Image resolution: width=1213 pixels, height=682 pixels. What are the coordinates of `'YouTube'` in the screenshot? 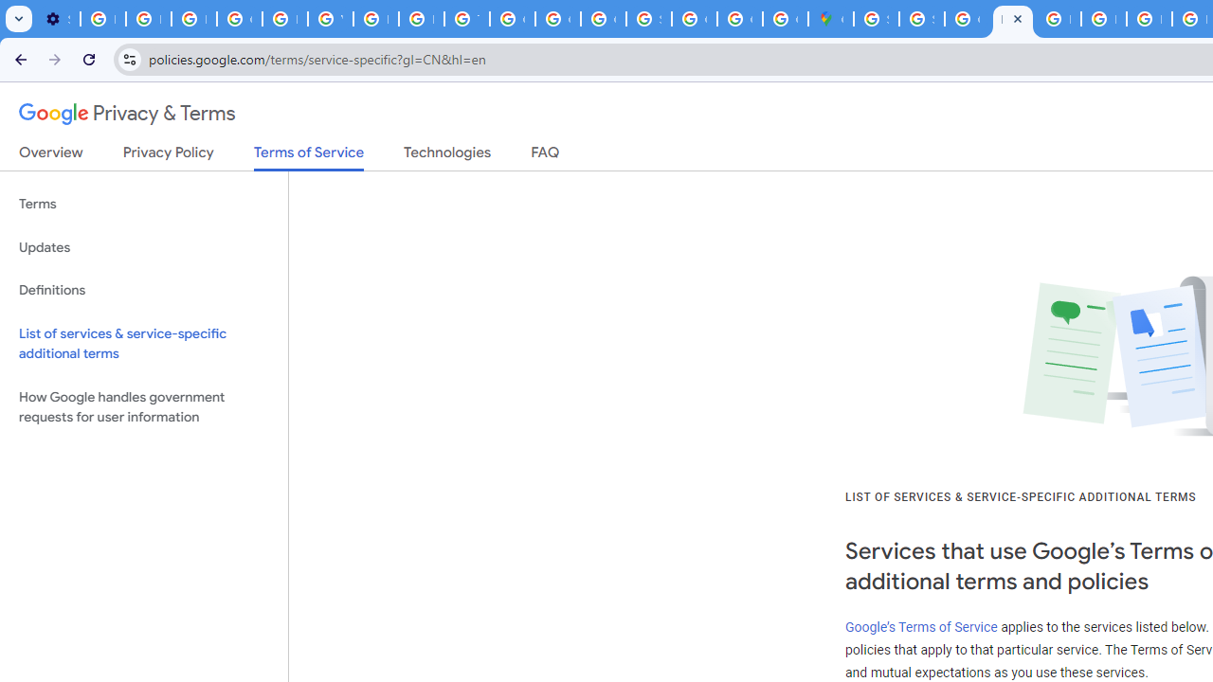 It's located at (330, 19).